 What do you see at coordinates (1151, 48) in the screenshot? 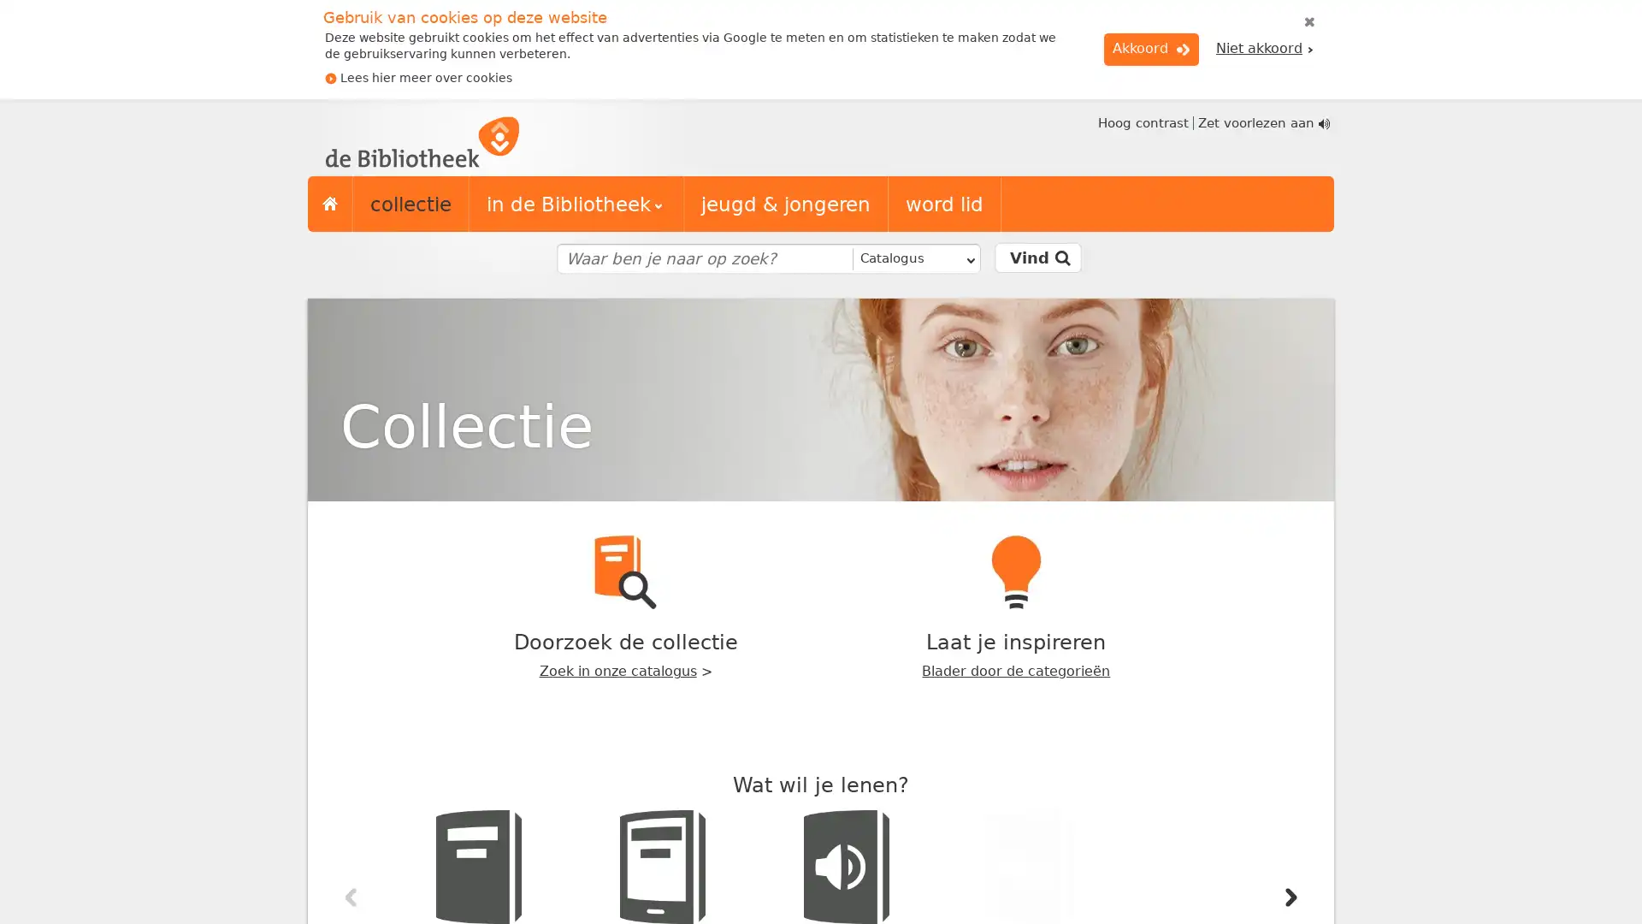
I see `Akkoord` at bounding box center [1151, 48].